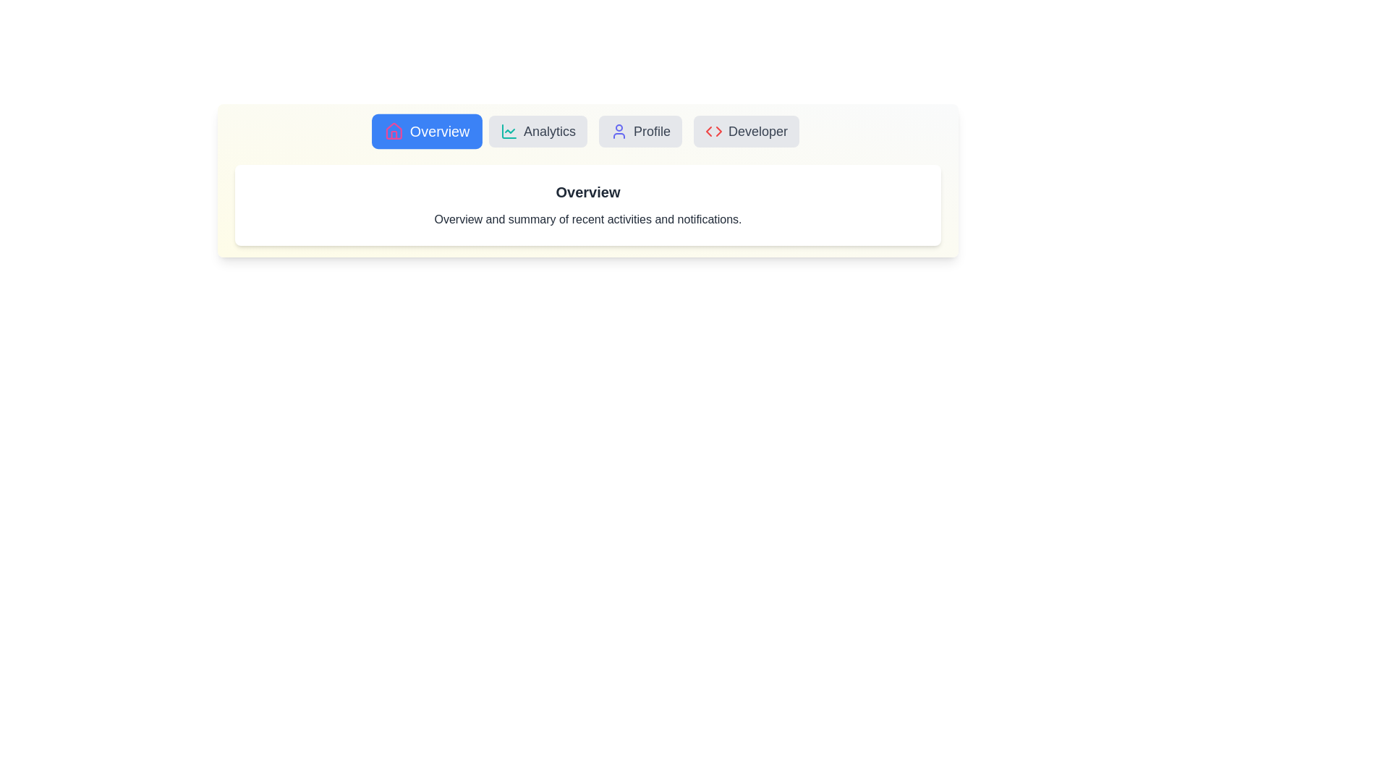 The image size is (1389, 781). What do you see at coordinates (640, 131) in the screenshot?
I see `the Profile tab to view its content` at bounding box center [640, 131].